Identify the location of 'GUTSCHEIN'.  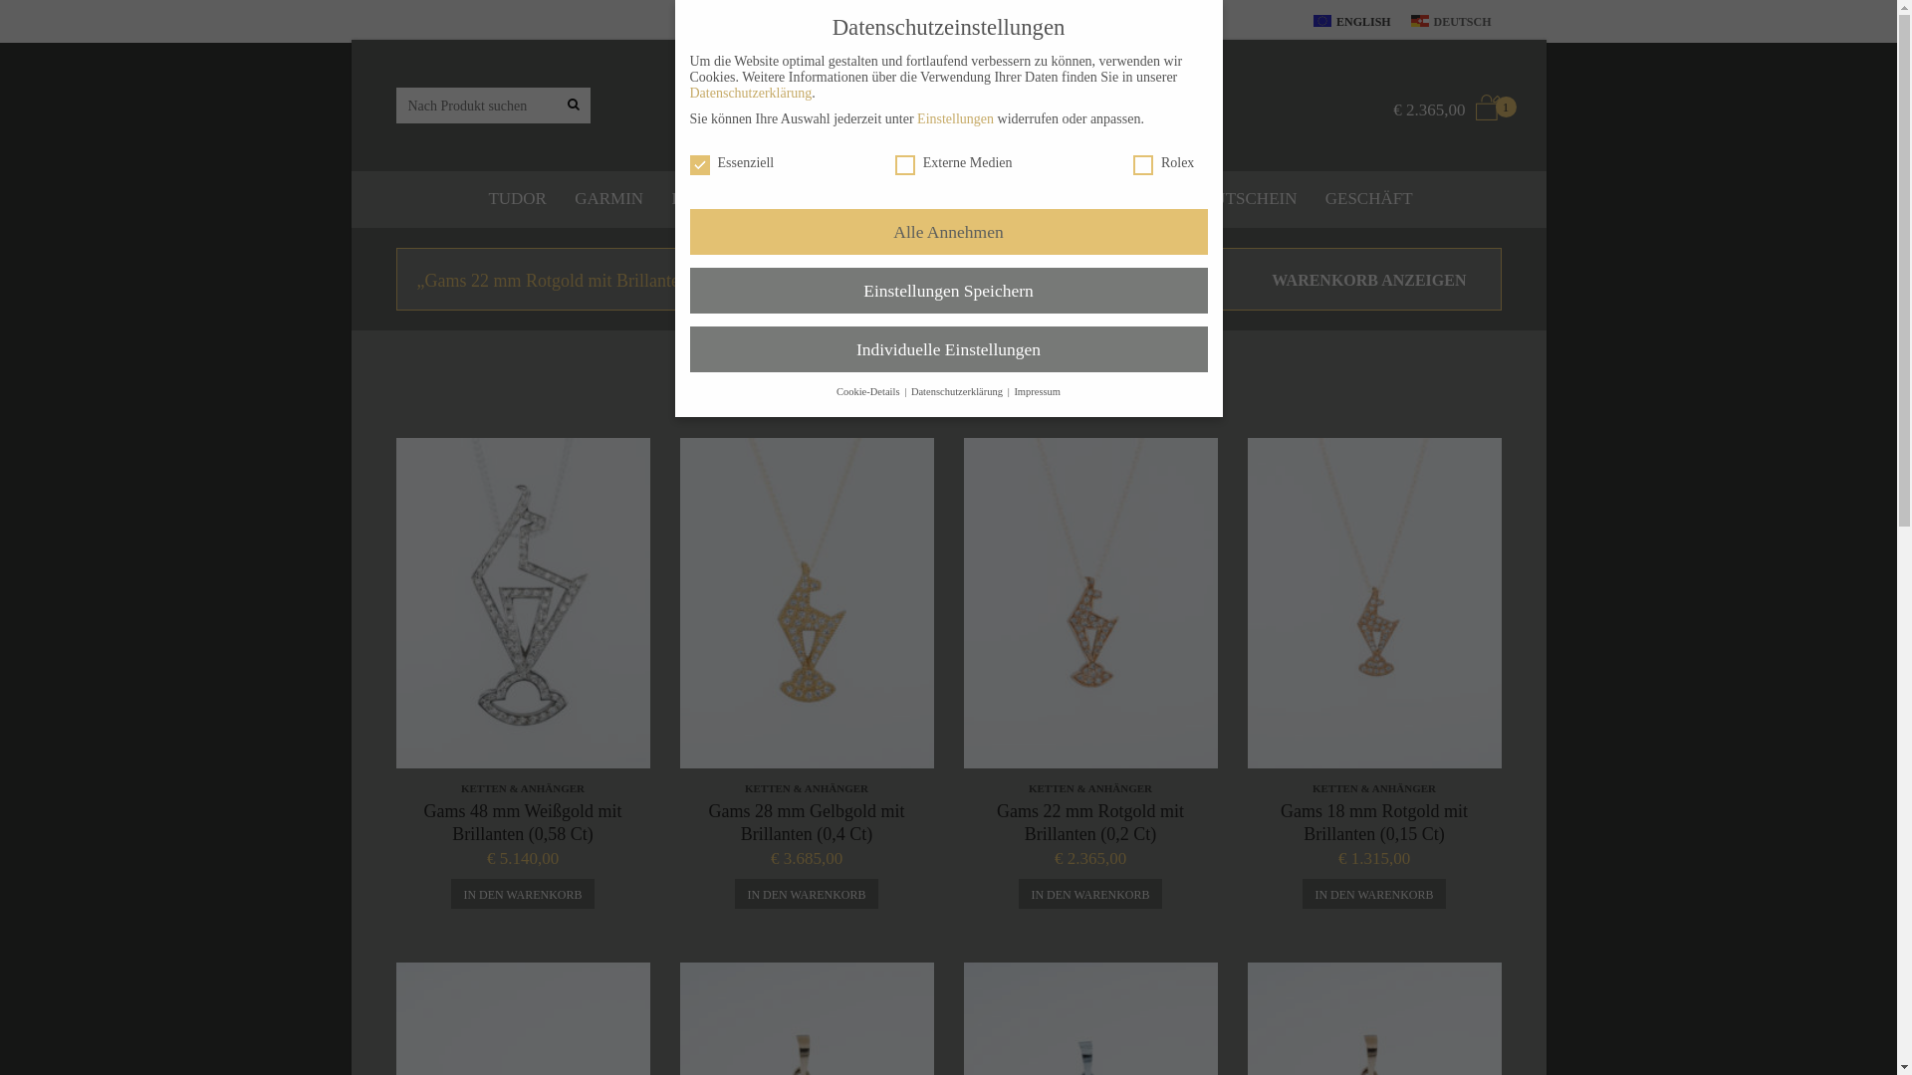
(1199, 198).